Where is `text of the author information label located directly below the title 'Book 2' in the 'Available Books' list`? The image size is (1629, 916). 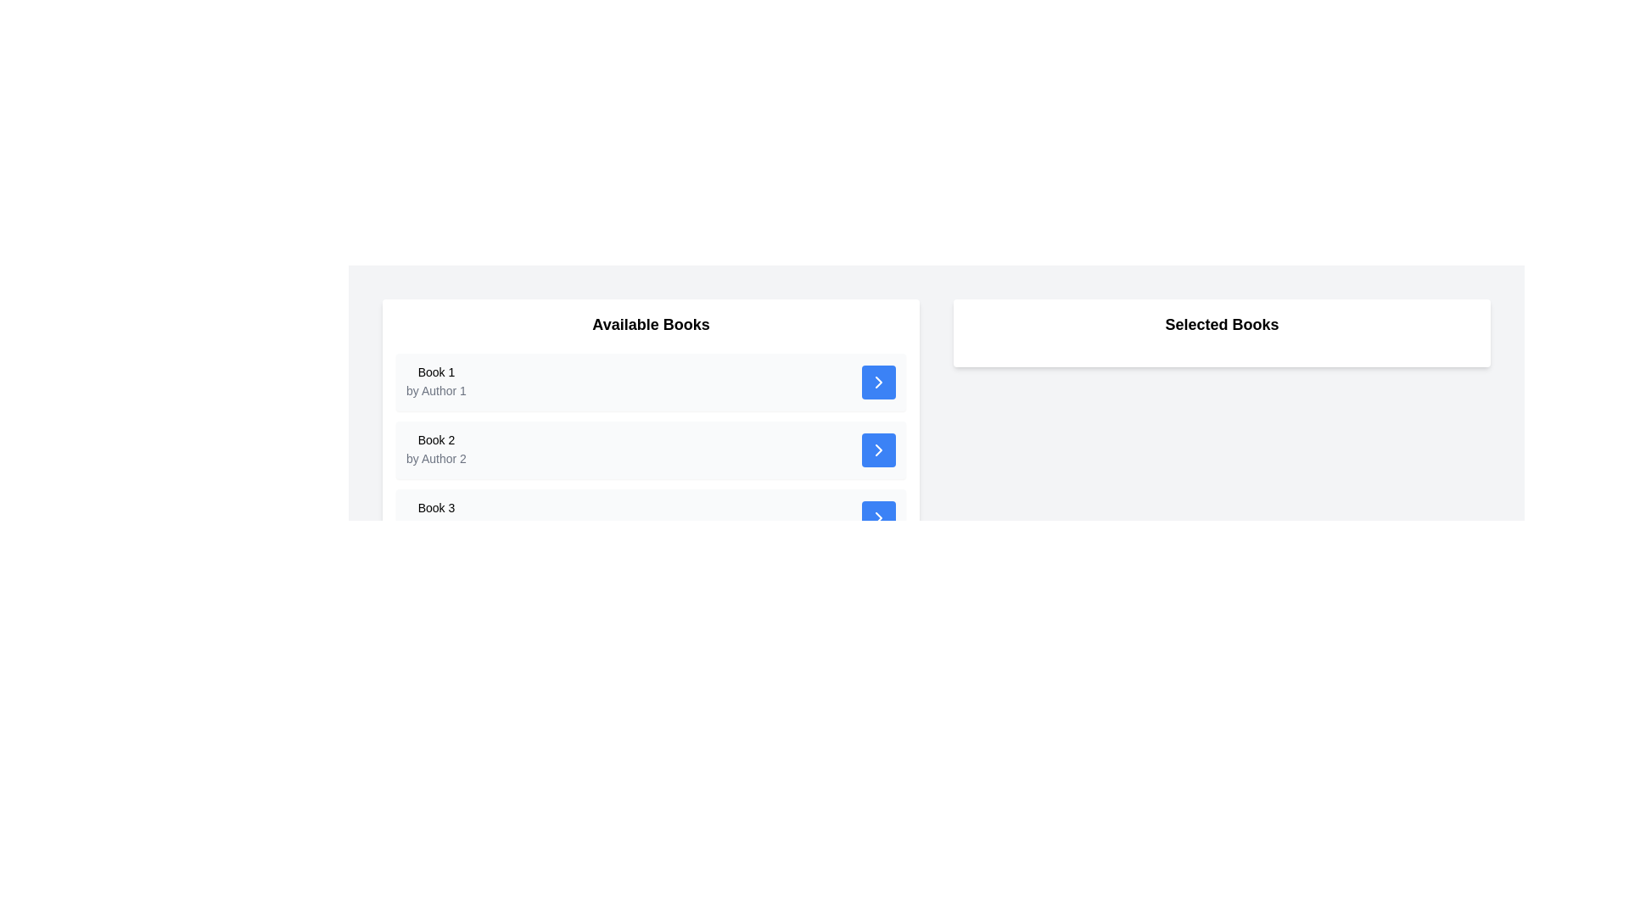
text of the author information label located directly below the title 'Book 2' in the 'Available Books' list is located at coordinates (436, 458).